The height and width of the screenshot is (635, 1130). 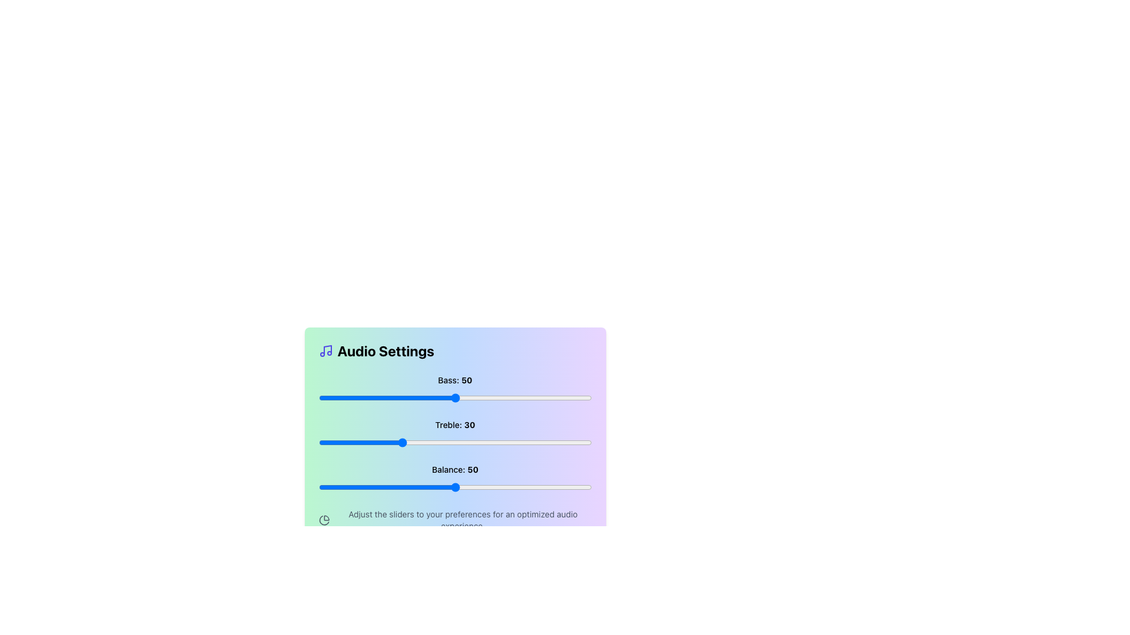 I want to click on the numerical display of the treble value, which is '30', located next to the label 'Treble:' in the audio settings, so click(x=469, y=425).